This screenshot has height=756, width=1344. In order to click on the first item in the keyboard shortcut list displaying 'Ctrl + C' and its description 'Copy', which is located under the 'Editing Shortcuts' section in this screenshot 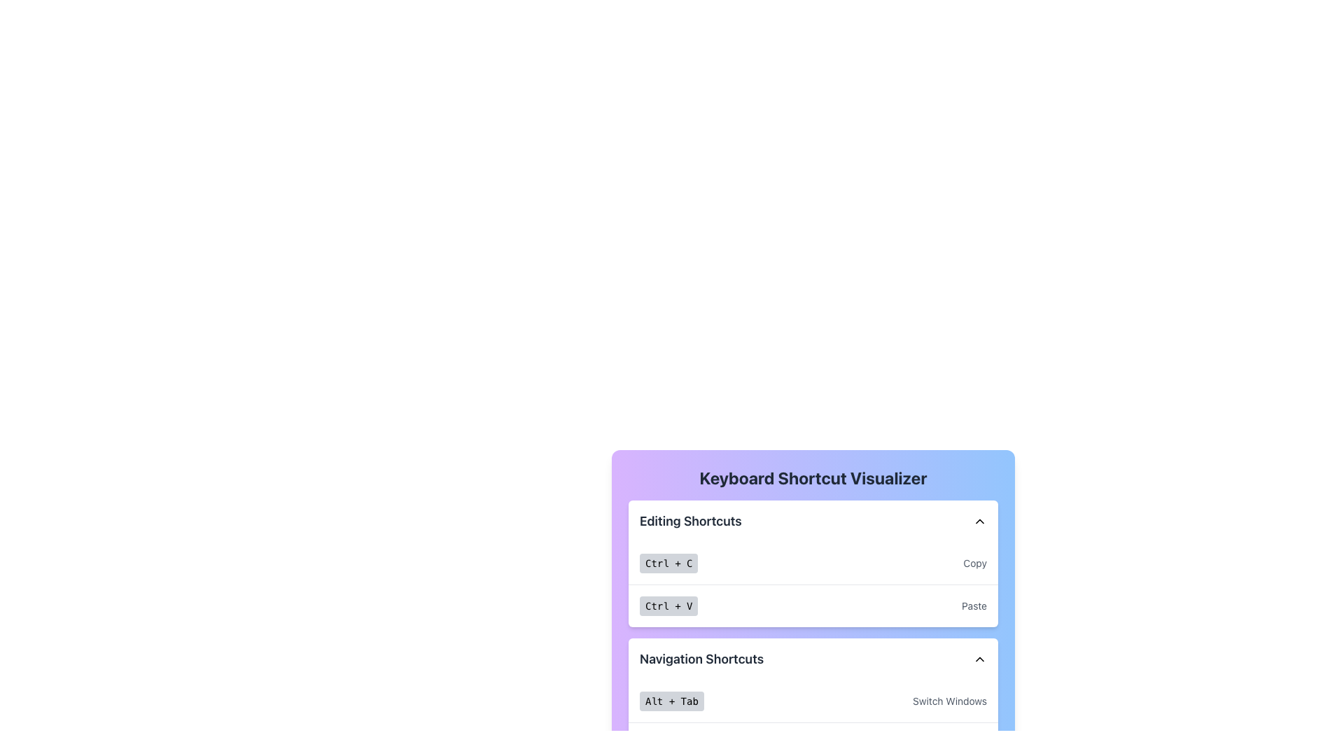, I will do `click(813, 563)`.